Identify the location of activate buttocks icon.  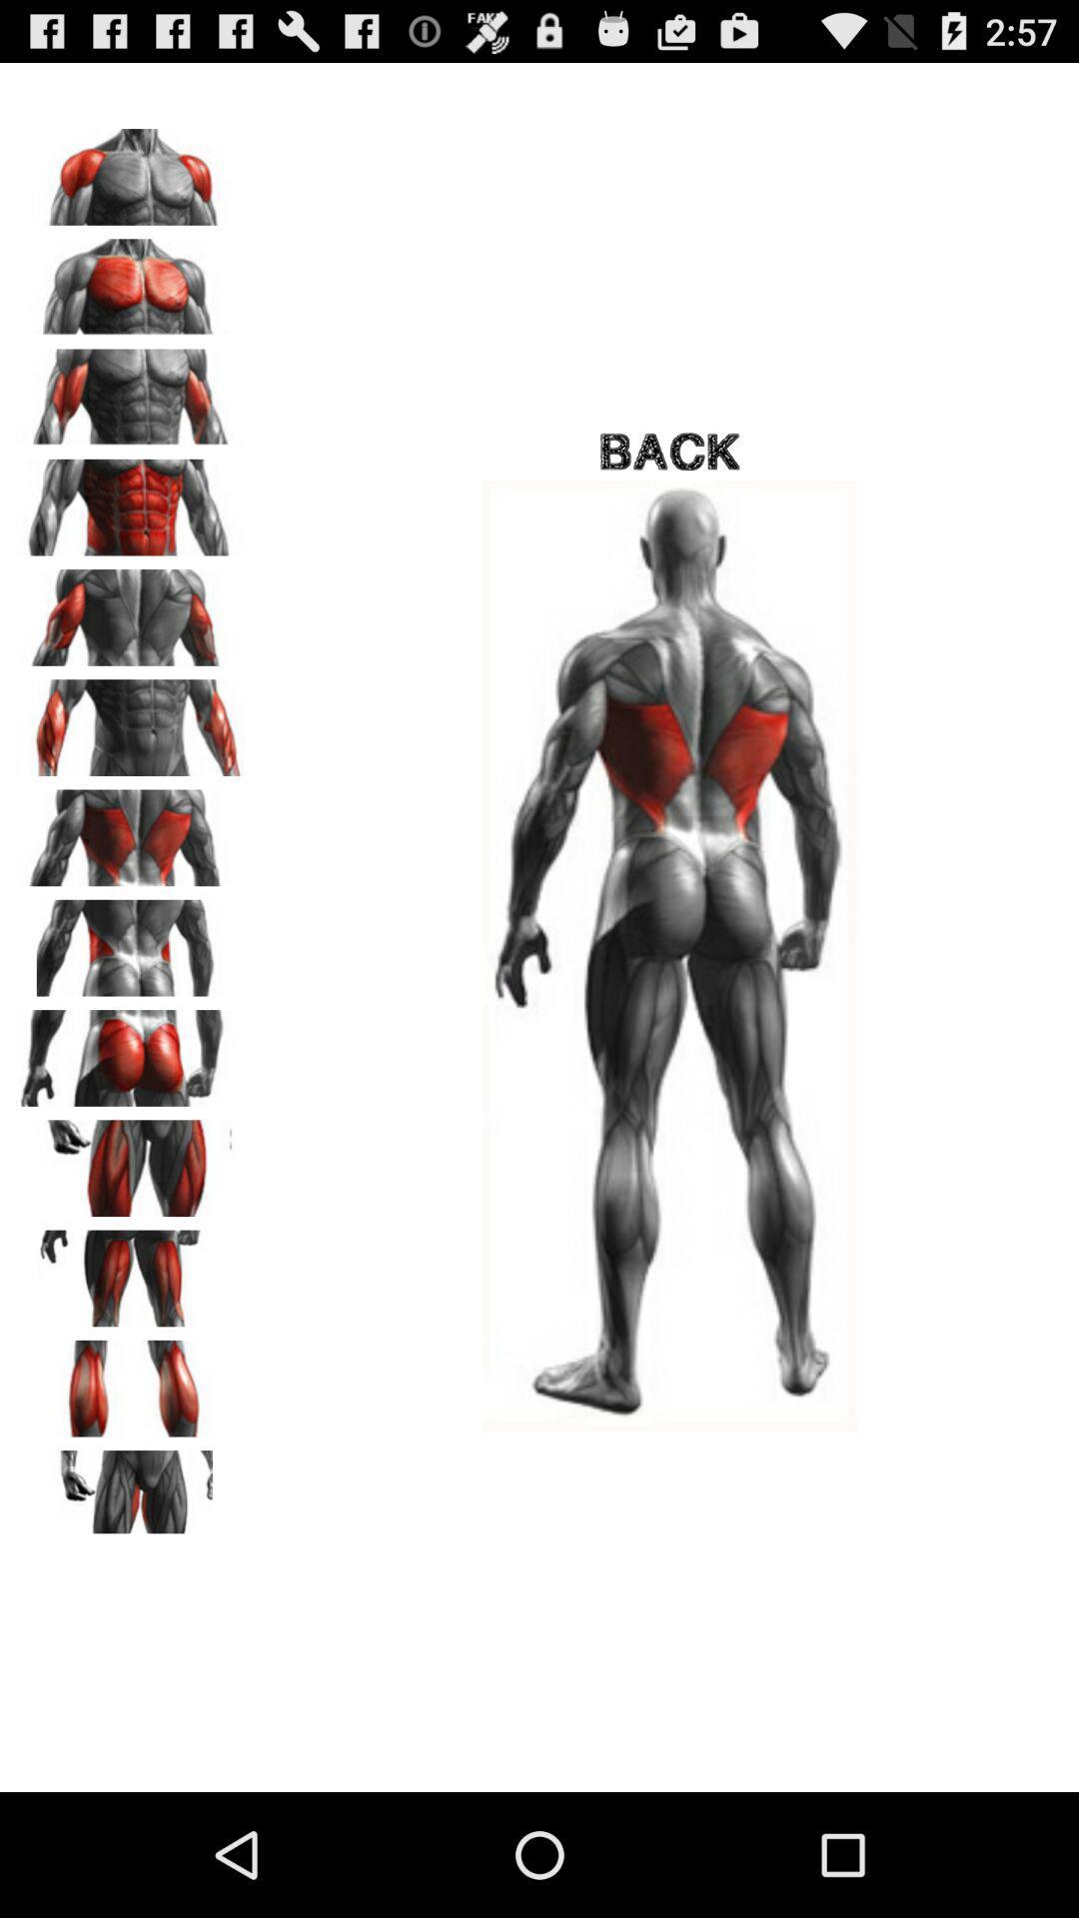
(131, 1050).